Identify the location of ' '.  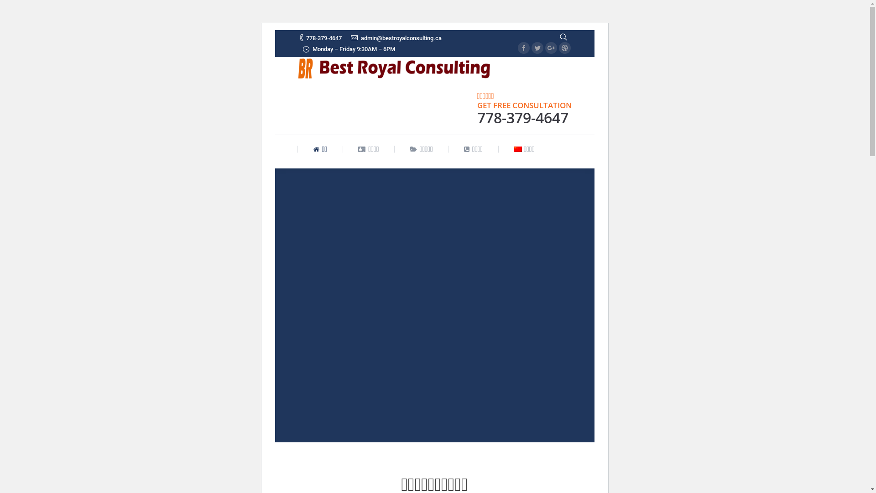
(562, 36).